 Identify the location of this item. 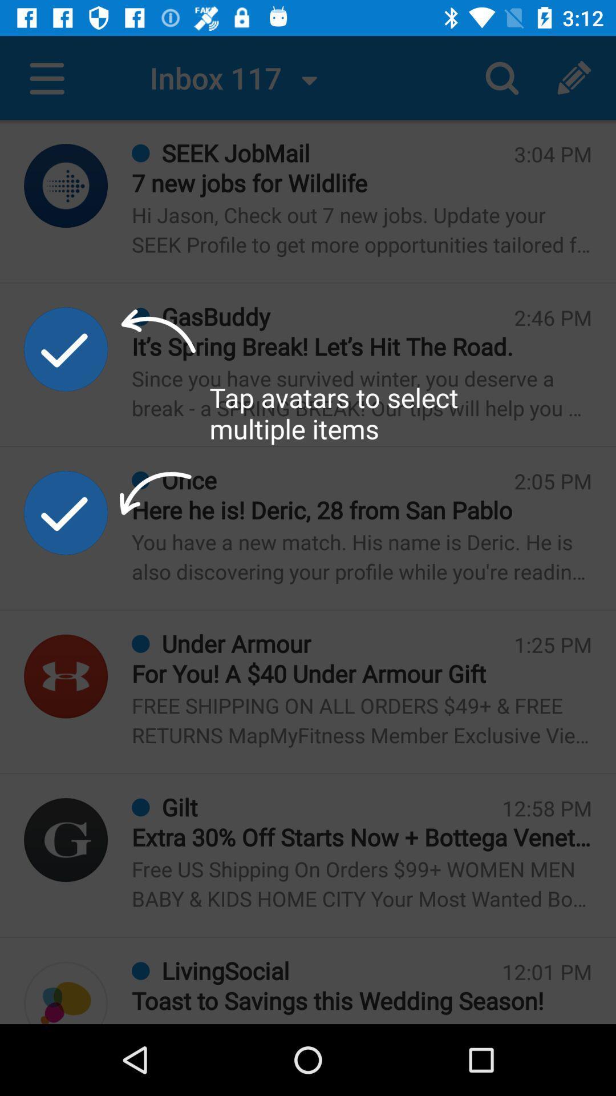
(66, 512).